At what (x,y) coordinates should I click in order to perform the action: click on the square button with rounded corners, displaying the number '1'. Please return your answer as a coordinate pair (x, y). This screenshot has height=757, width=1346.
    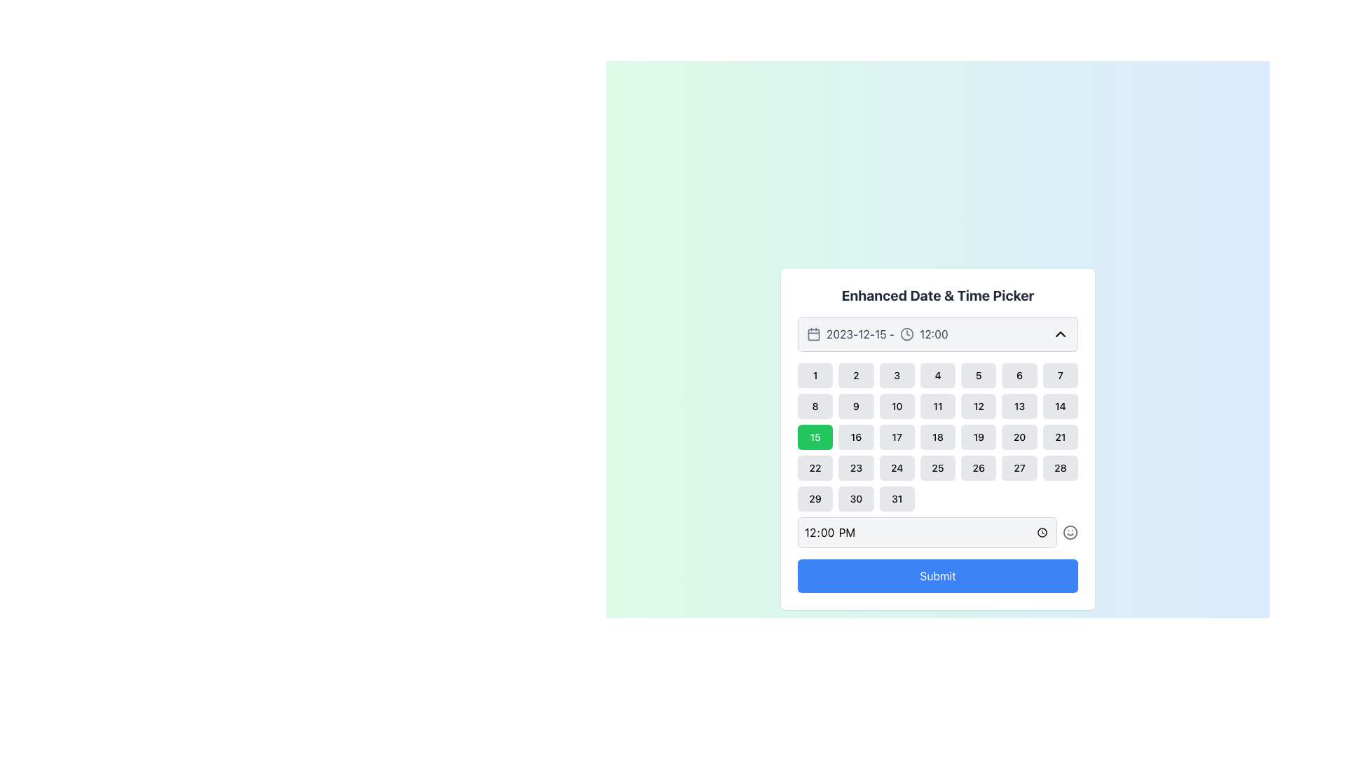
    Looking at the image, I should click on (815, 375).